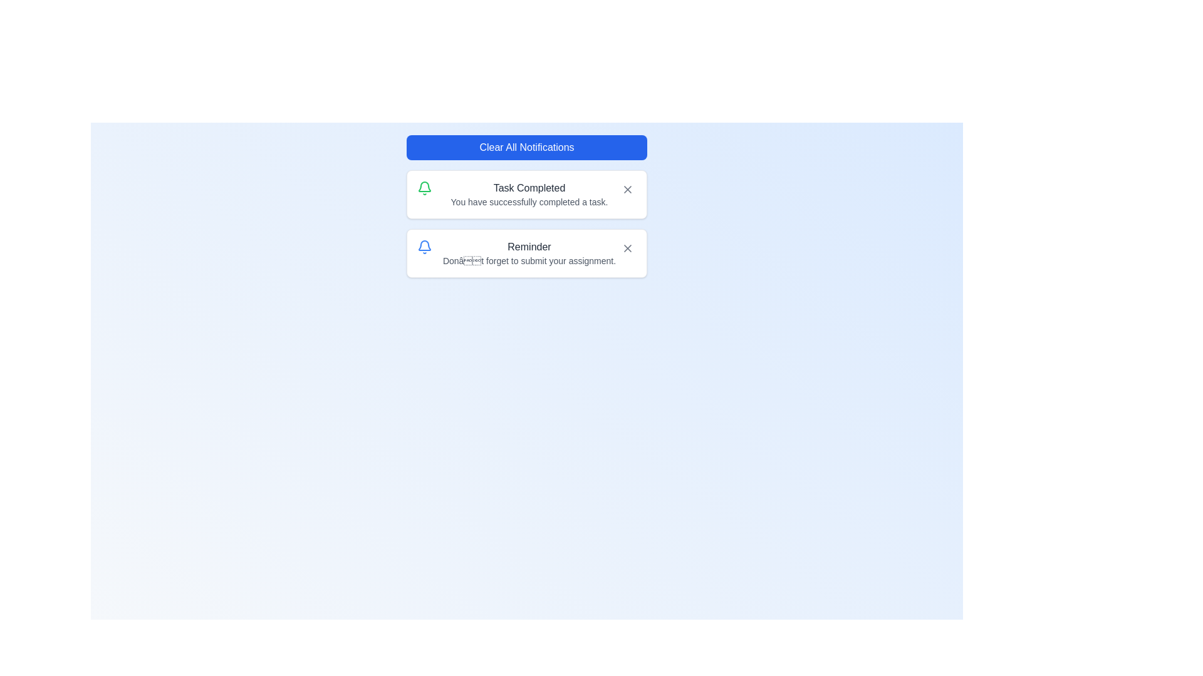 This screenshot has height=676, width=1203. I want to click on the text 'Don’t forget to submit your assignment.' located at the bottom of the 'Reminder' notification card, so click(529, 260).